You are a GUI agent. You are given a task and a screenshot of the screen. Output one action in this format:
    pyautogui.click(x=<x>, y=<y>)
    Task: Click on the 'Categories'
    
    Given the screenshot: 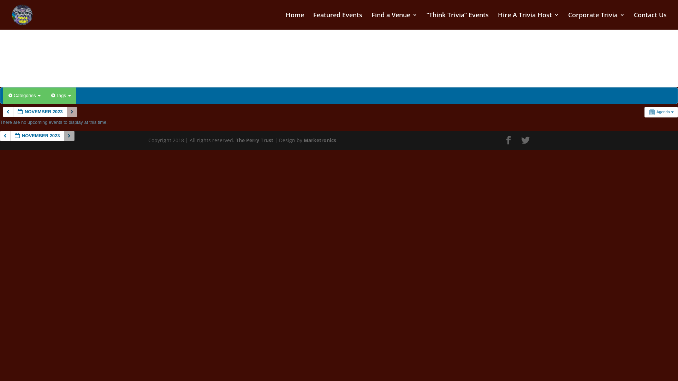 What is the action you would take?
    pyautogui.click(x=24, y=95)
    